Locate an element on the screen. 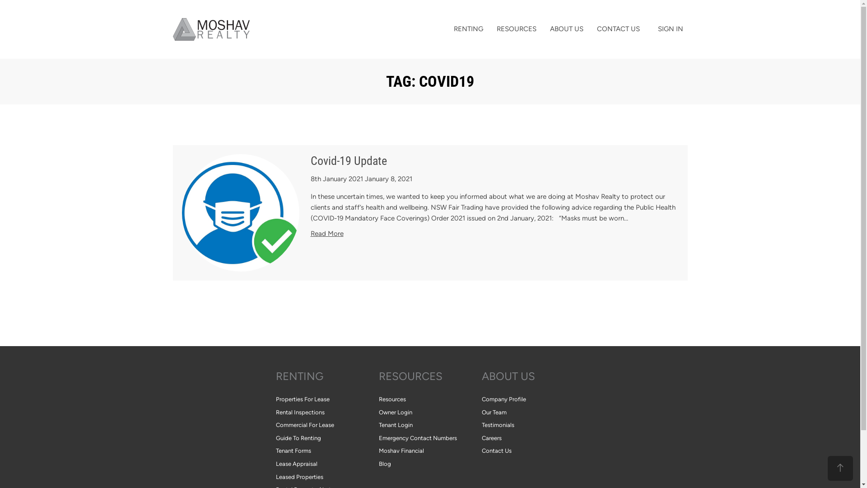 The width and height of the screenshot is (867, 488). 'Resources' is located at coordinates (429, 399).